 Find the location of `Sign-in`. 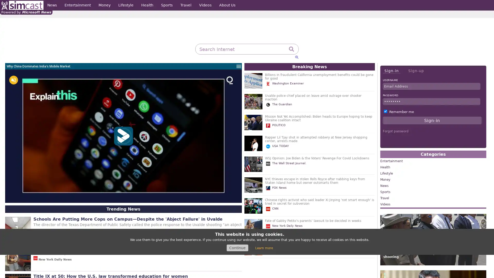

Sign-in is located at coordinates (391, 71).